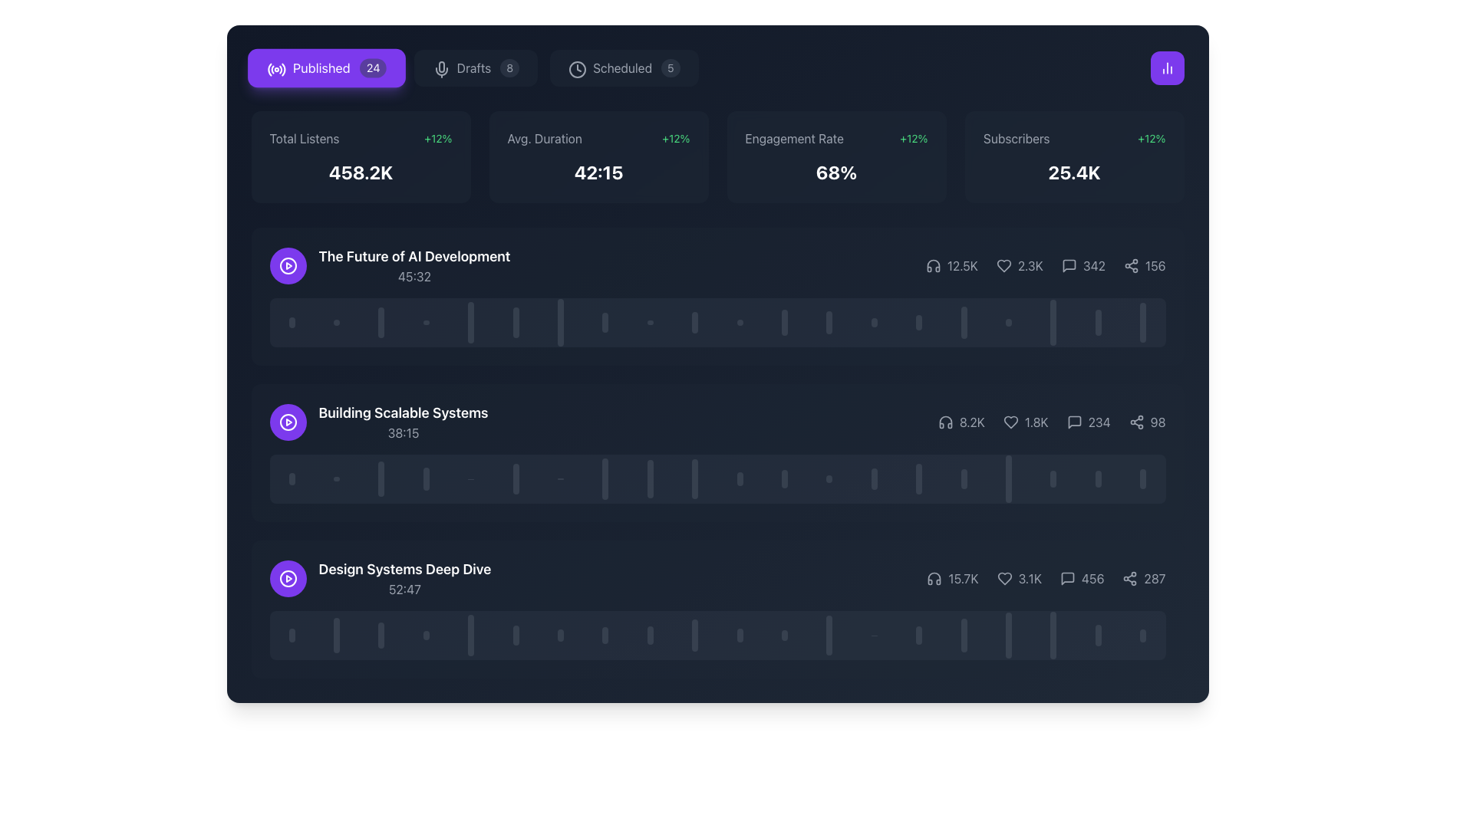  Describe the element at coordinates (961, 422) in the screenshot. I see `numerical metric displayed next to the headphones icon in the 'Building Scalable Systems' section, which represents listener count` at that location.